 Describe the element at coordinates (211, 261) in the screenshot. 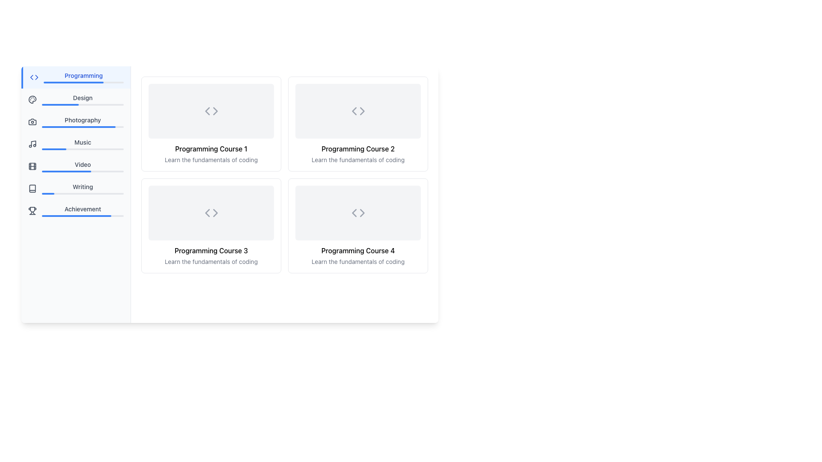

I see `text label displaying 'Learn the fundamentals of coding' located beneath the bold title 'Programming Course 3' in a card-like structure` at that location.